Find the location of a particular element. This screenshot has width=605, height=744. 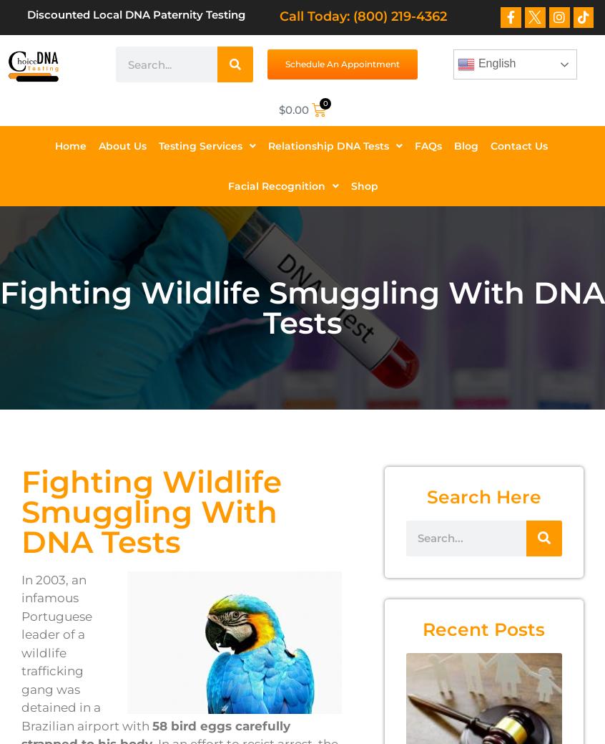

'Contact Us' is located at coordinates (518, 145).